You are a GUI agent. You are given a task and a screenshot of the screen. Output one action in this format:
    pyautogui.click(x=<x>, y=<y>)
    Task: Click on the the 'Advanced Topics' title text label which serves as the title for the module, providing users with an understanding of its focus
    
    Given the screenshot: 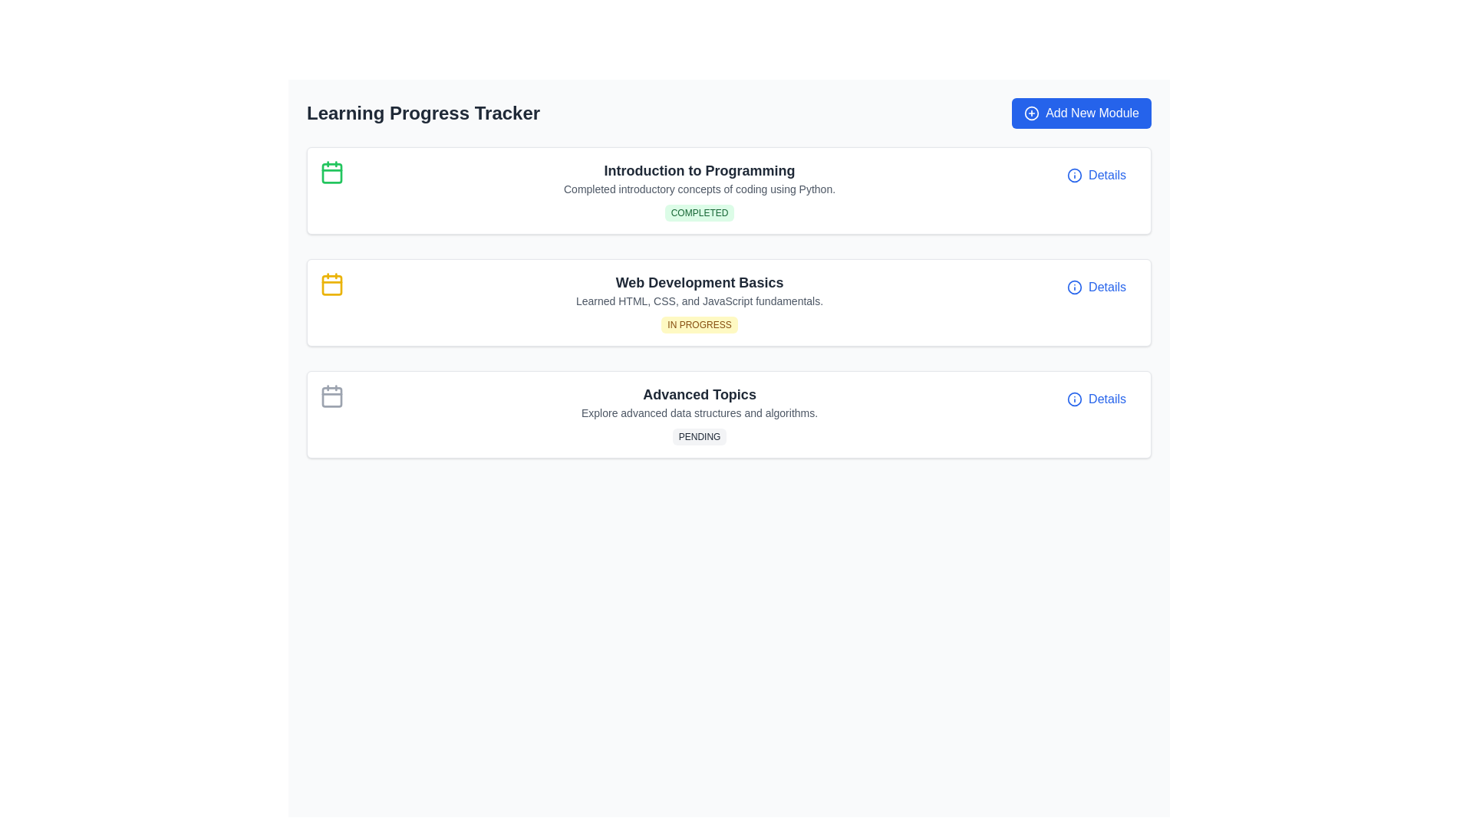 What is the action you would take?
    pyautogui.click(x=699, y=394)
    